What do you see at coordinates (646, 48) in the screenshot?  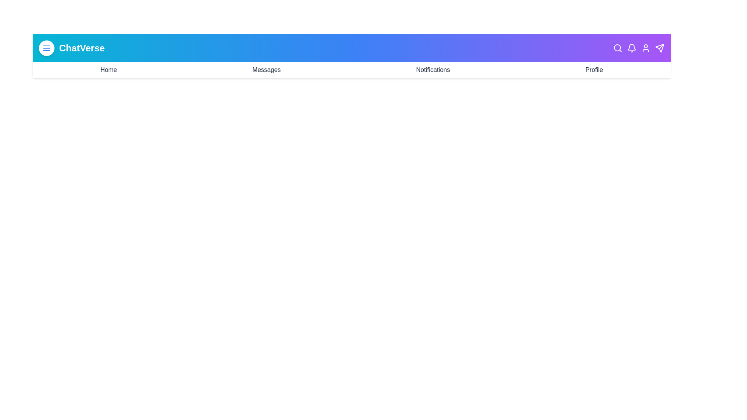 I see `the User icon in the header` at bounding box center [646, 48].